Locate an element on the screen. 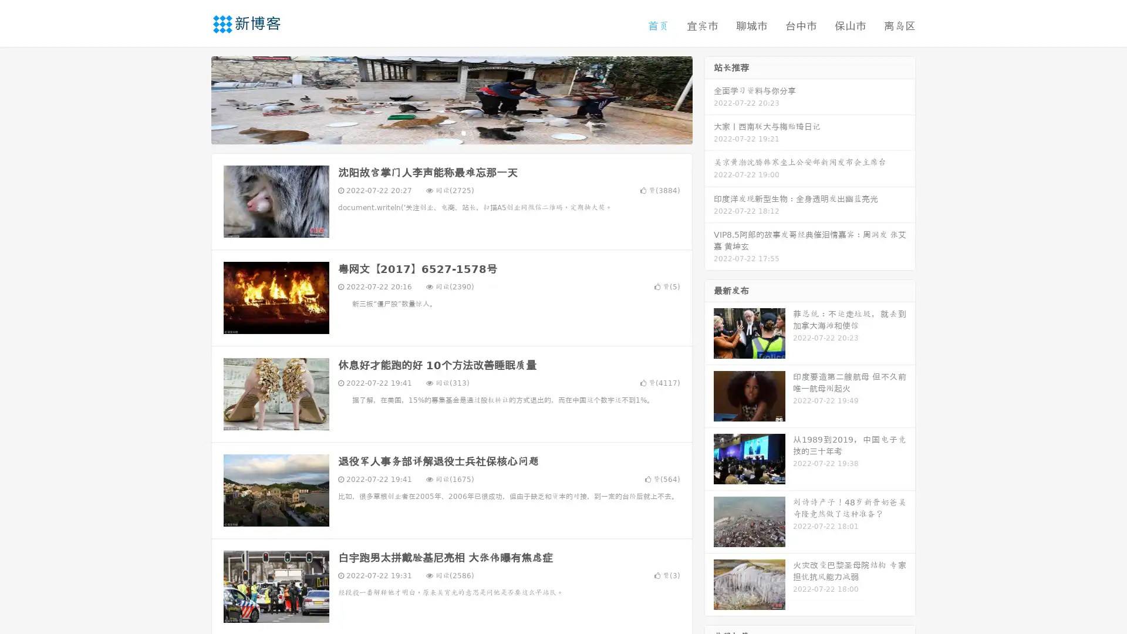  Go to slide 1 is located at coordinates (439, 132).